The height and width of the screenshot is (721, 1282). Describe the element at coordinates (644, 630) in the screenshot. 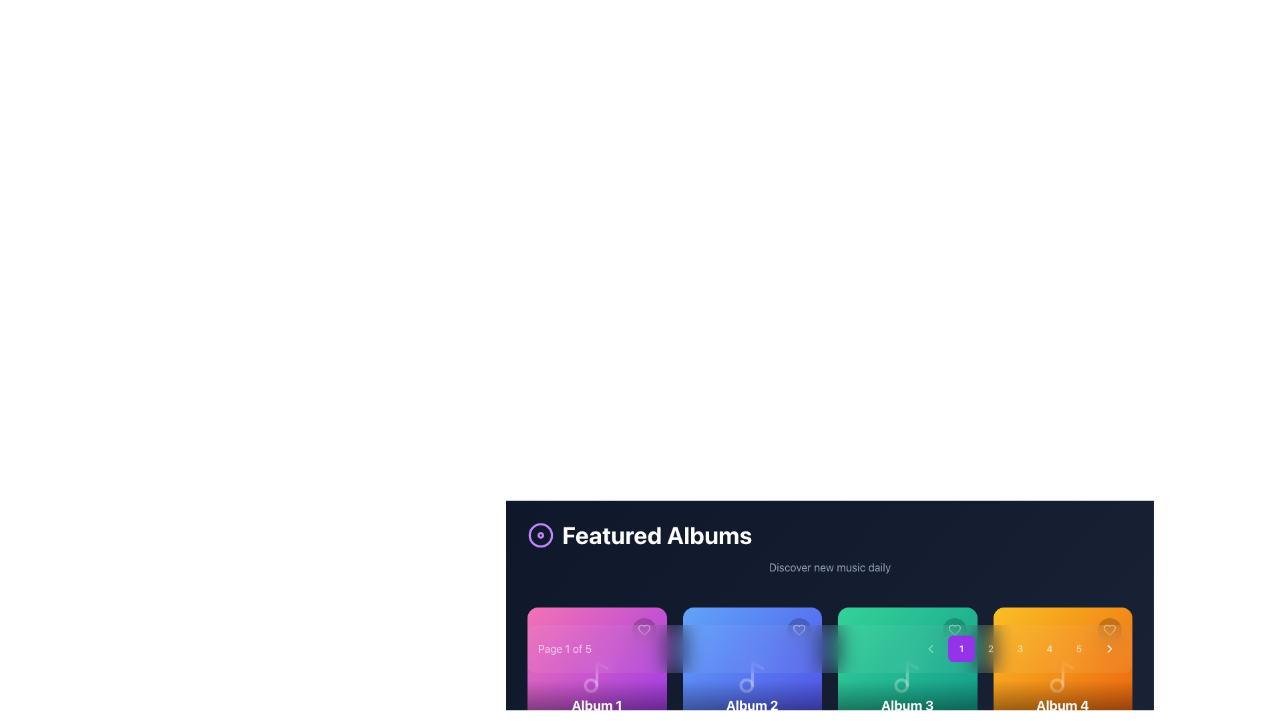

I see `the favorite button with an icon located in the top-right corner of the pink album card labeled 'Album 1'` at that location.